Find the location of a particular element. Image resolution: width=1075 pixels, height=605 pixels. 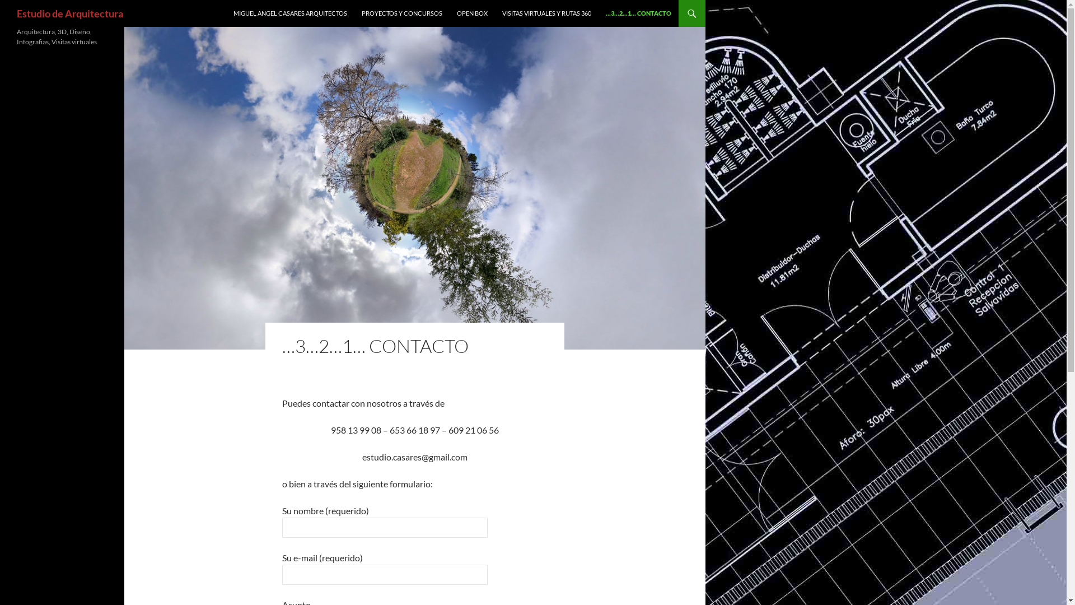

'SALTAR AL CONTENIDO' is located at coordinates (233, 0).